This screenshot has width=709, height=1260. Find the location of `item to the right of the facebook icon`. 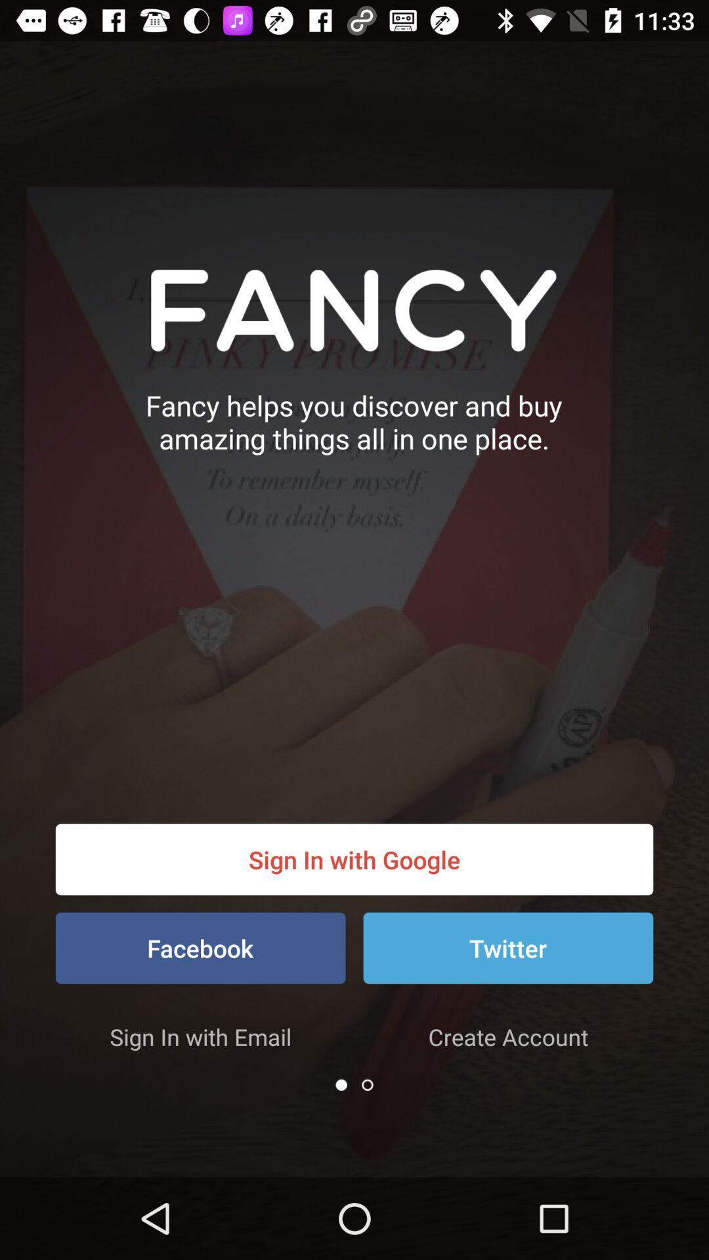

item to the right of the facebook icon is located at coordinates (507, 948).